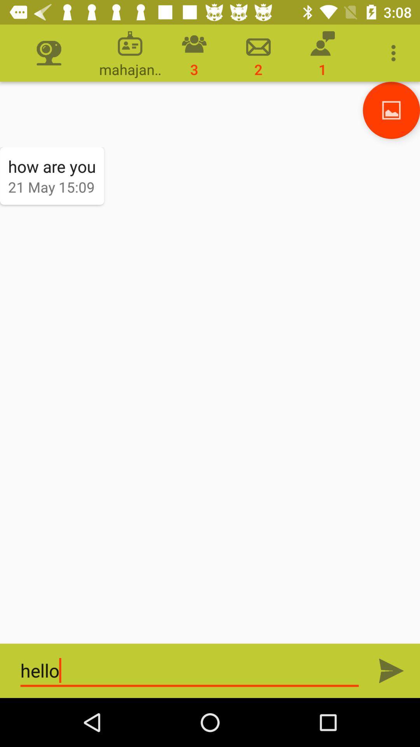 This screenshot has width=420, height=747. What do you see at coordinates (391, 110) in the screenshot?
I see `the wallpaper icon` at bounding box center [391, 110].